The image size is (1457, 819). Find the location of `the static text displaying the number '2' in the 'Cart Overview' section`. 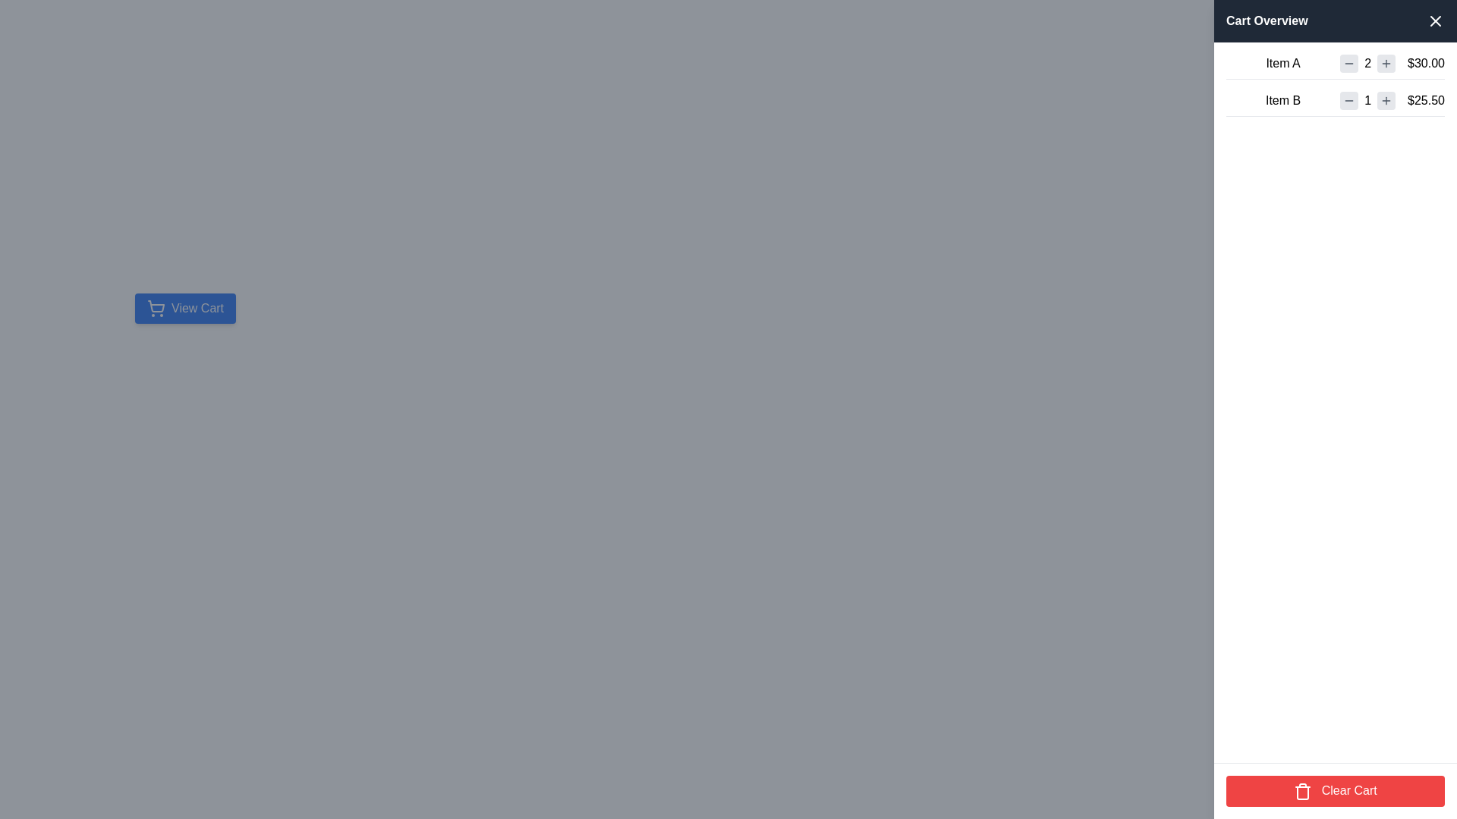

the static text displaying the number '2' in the 'Cart Overview' section is located at coordinates (1367, 63).